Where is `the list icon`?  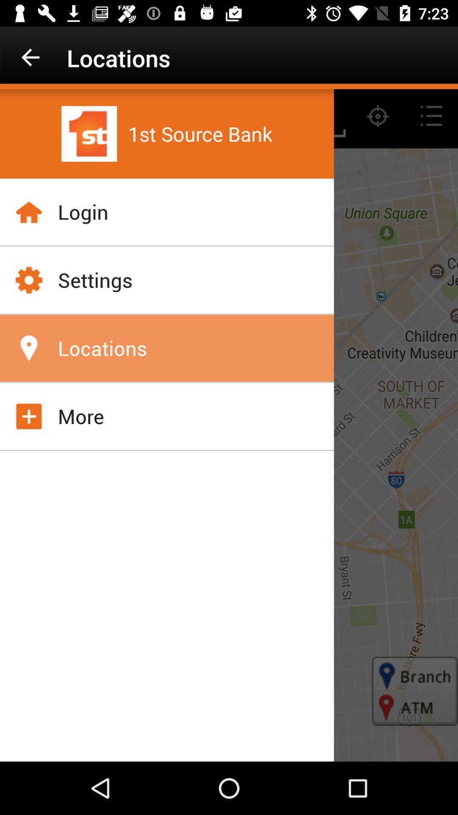 the list icon is located at coordinates (431, 115).